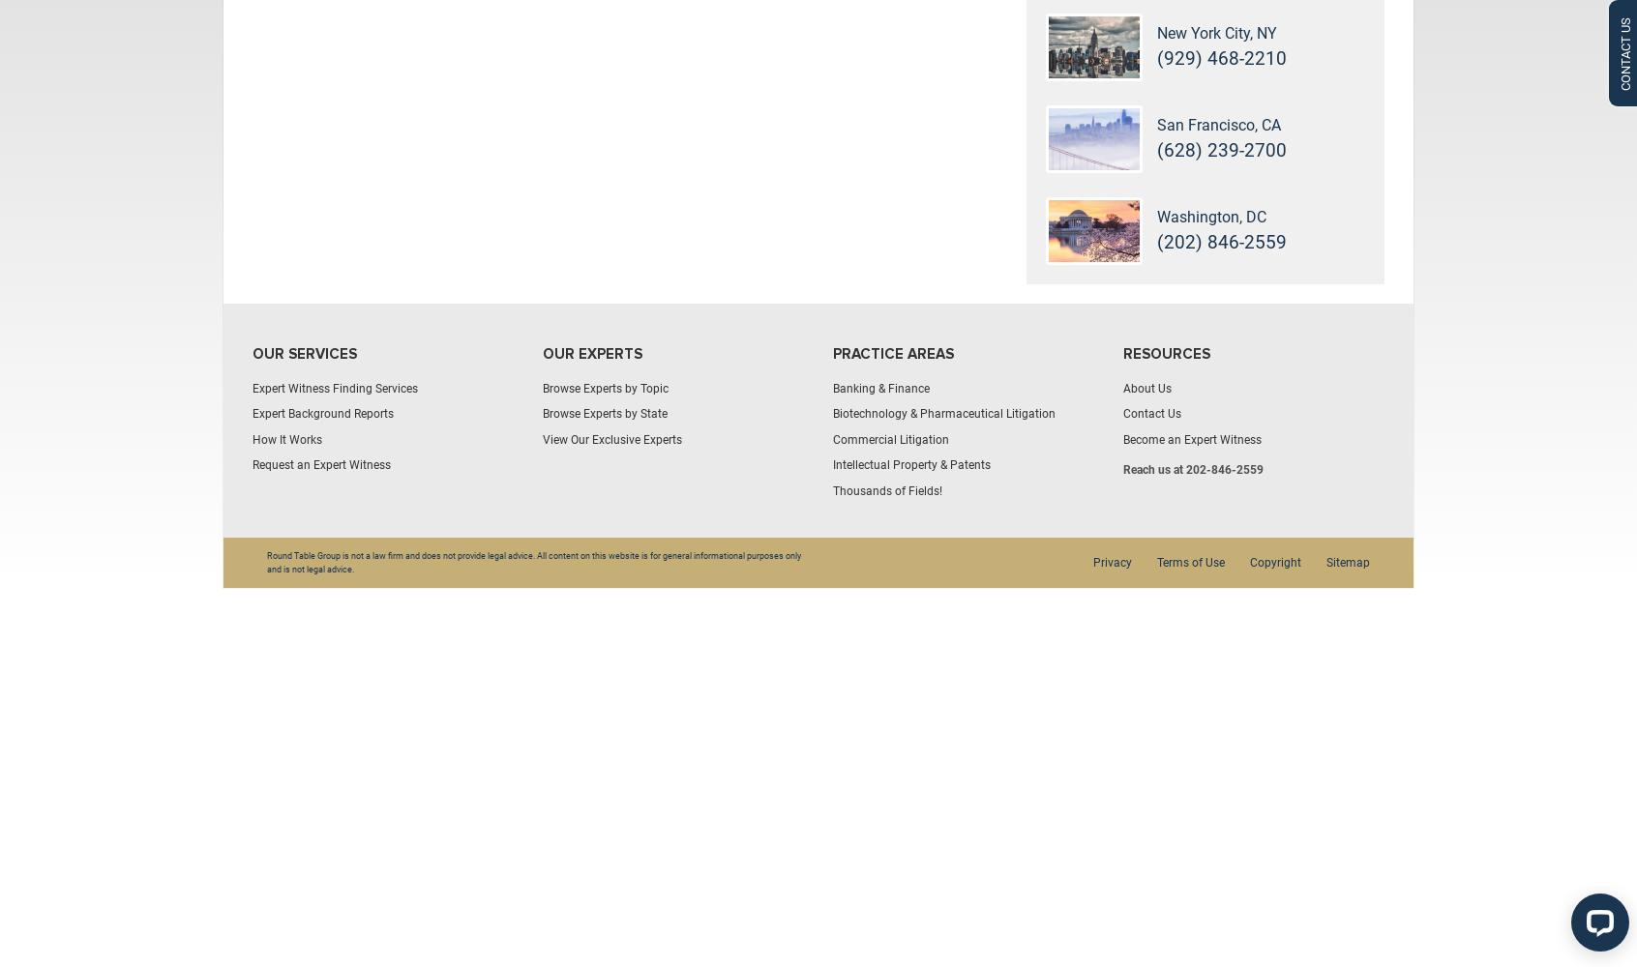 This screenshot has width=1637, height=967. I want to click on '(202) 846-2559', so click(1222, 242).